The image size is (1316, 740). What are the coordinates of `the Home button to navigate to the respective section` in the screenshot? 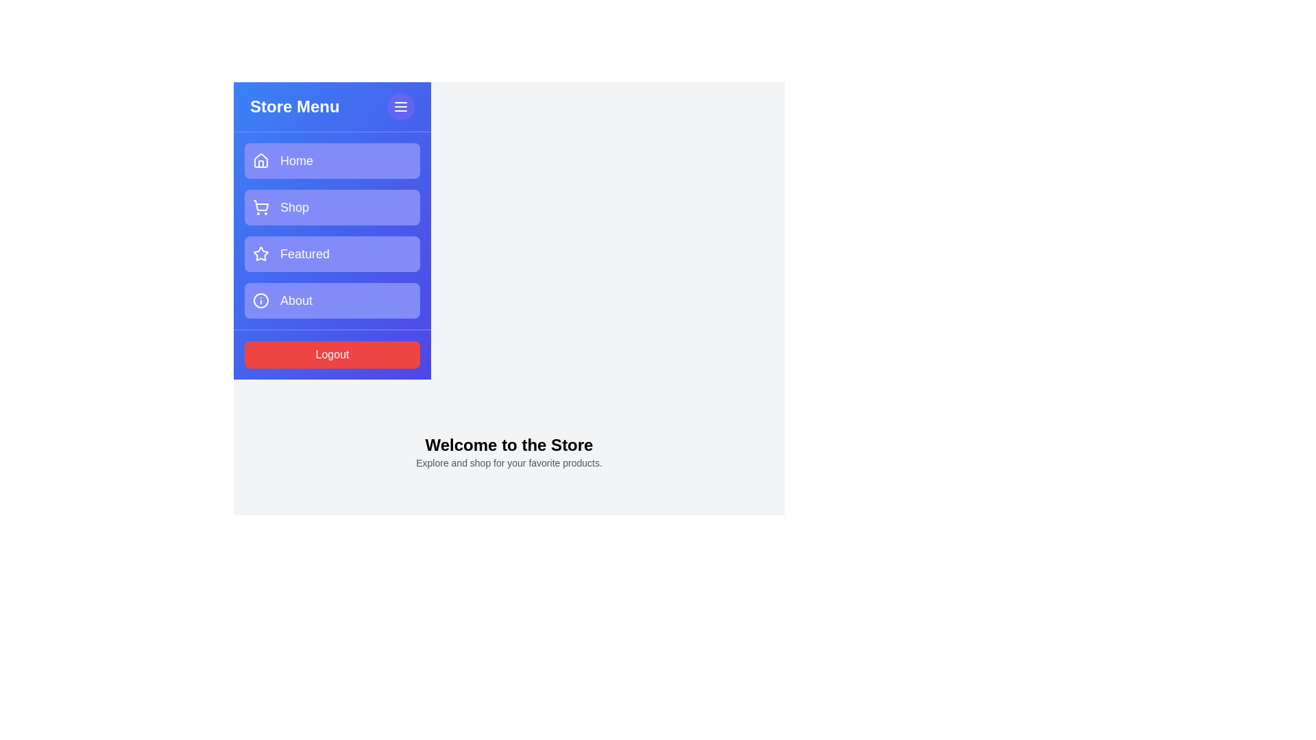 It's located at (332, 160).